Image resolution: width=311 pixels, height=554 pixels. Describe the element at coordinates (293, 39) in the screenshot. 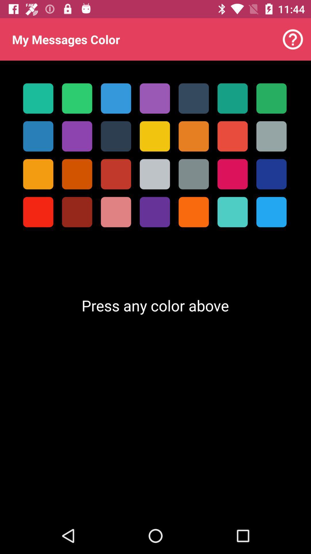

I see `icon to the right of the my messages color` at that location.